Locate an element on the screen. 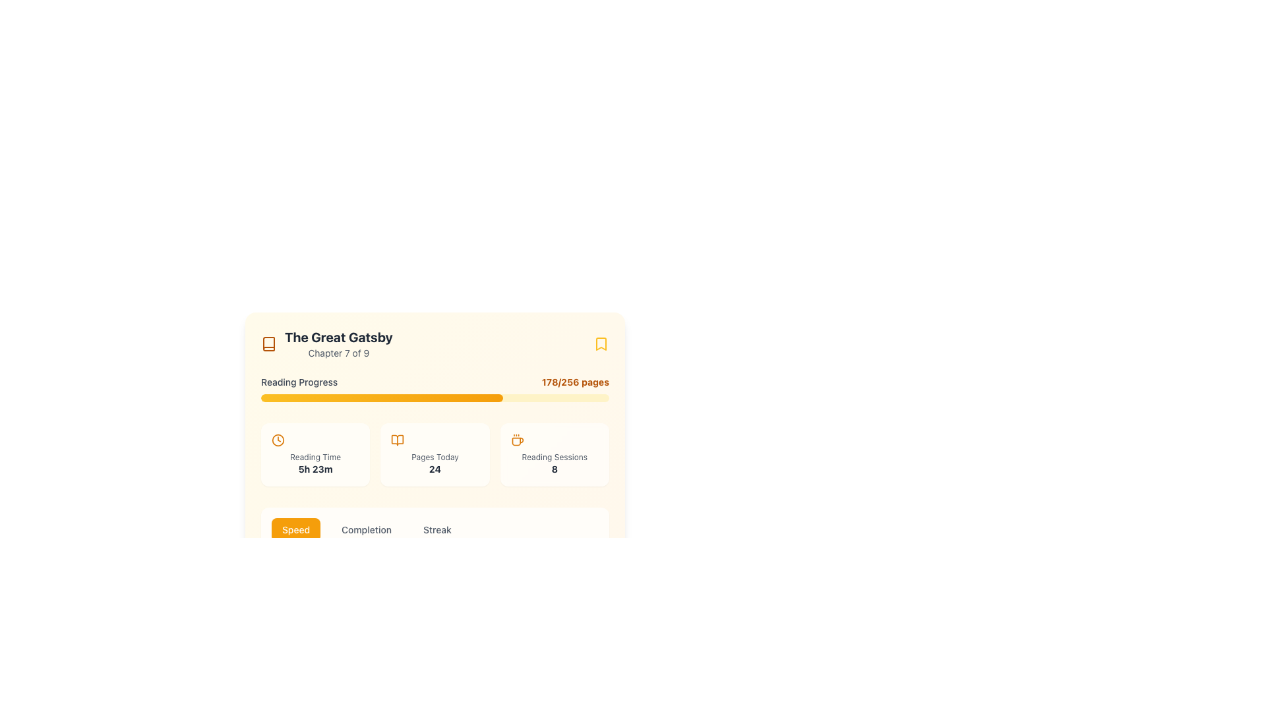  the text label indicating '5 hours and 23 minutes' duration information located below the 'Reading Time' label is located at coordinates (315, 469).